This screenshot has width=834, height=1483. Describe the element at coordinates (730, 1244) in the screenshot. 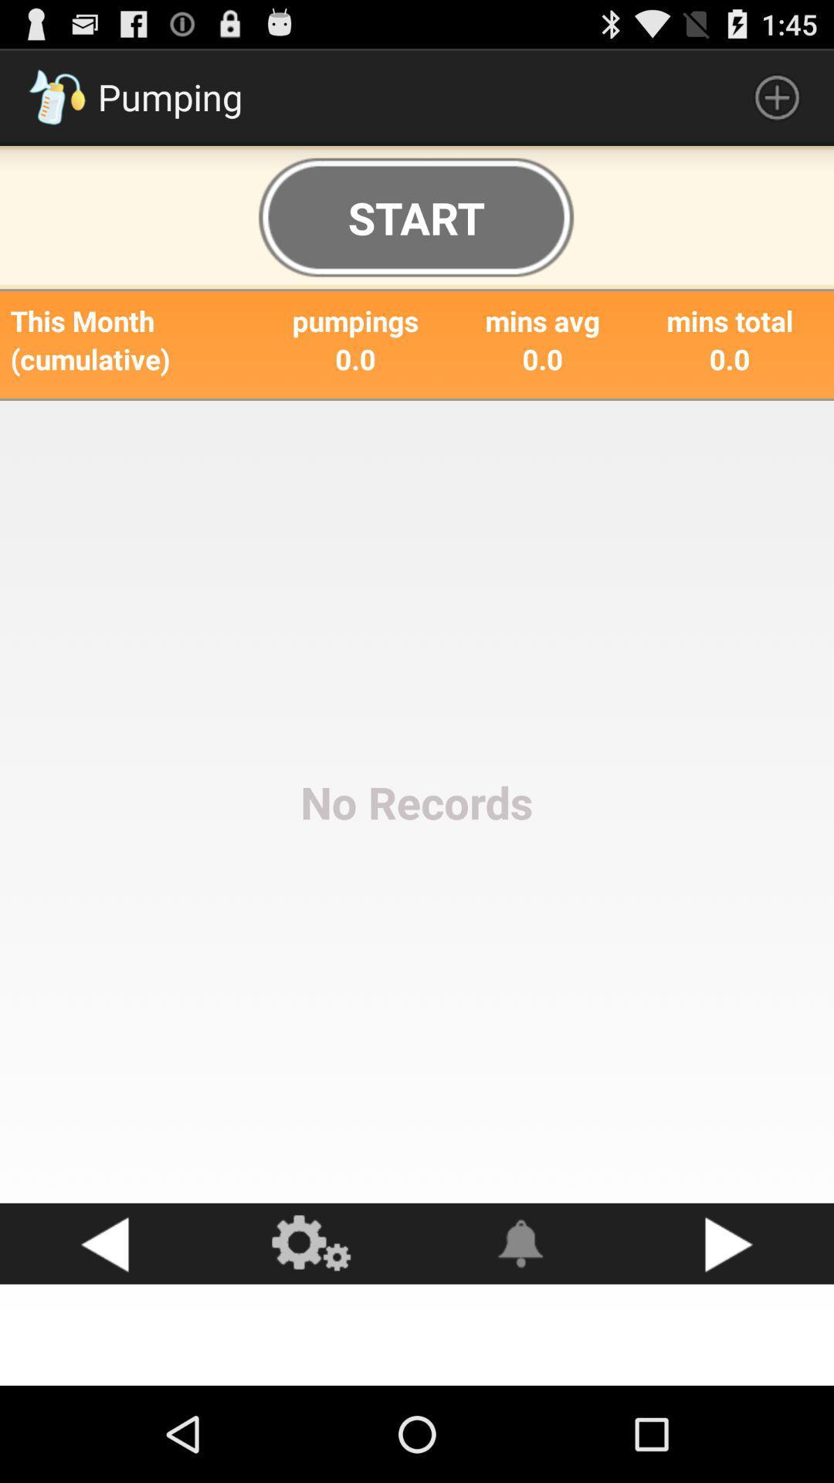

I see `next page` at that location.